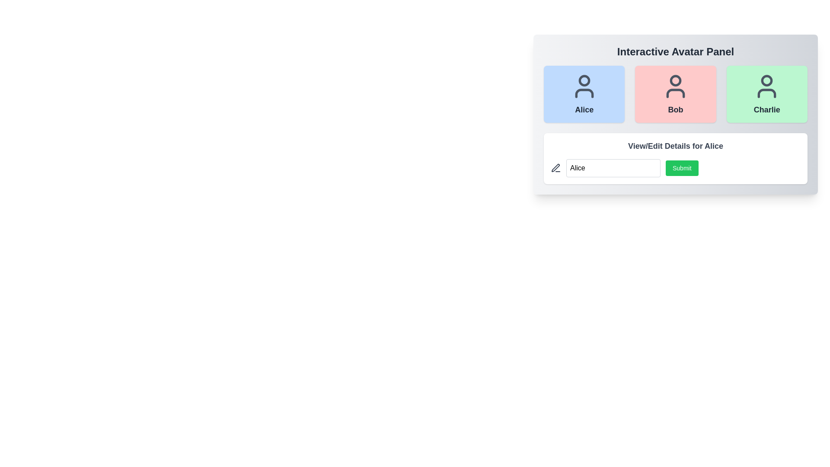 The height and width of the screenshot is (467, 830). What do you see at coordinates (675, 51) in the screenshot?
I see `the title text element located at the top of the panel, which provides context for the content below, positioned above the colored boxes labeled 'Alice', 'Bob', and 'Charlie'` at bounding box center [675, 51].